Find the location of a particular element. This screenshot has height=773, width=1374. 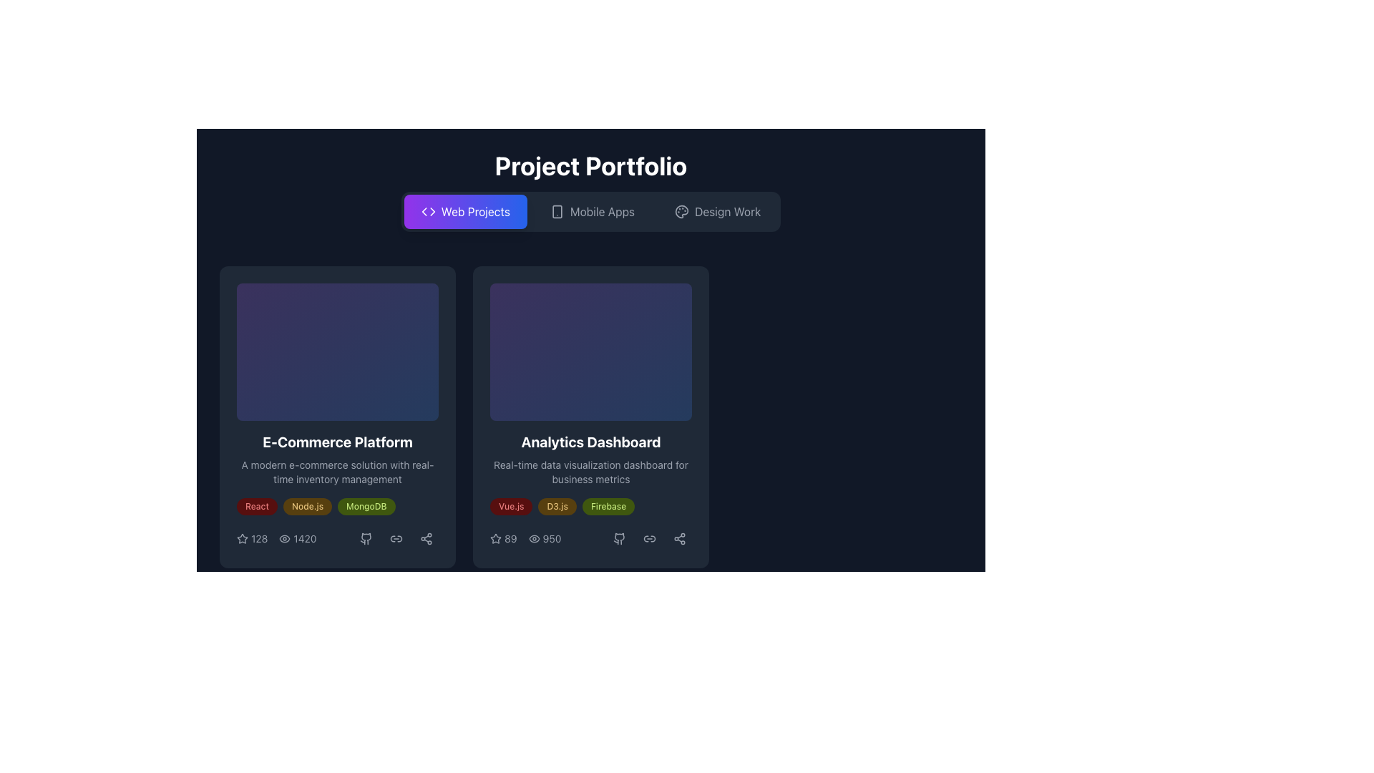

the GitHub cat-head icon button located in the bottom-right corner of the 'Analytics Dashboard' card is located at coordinates (619, 538).